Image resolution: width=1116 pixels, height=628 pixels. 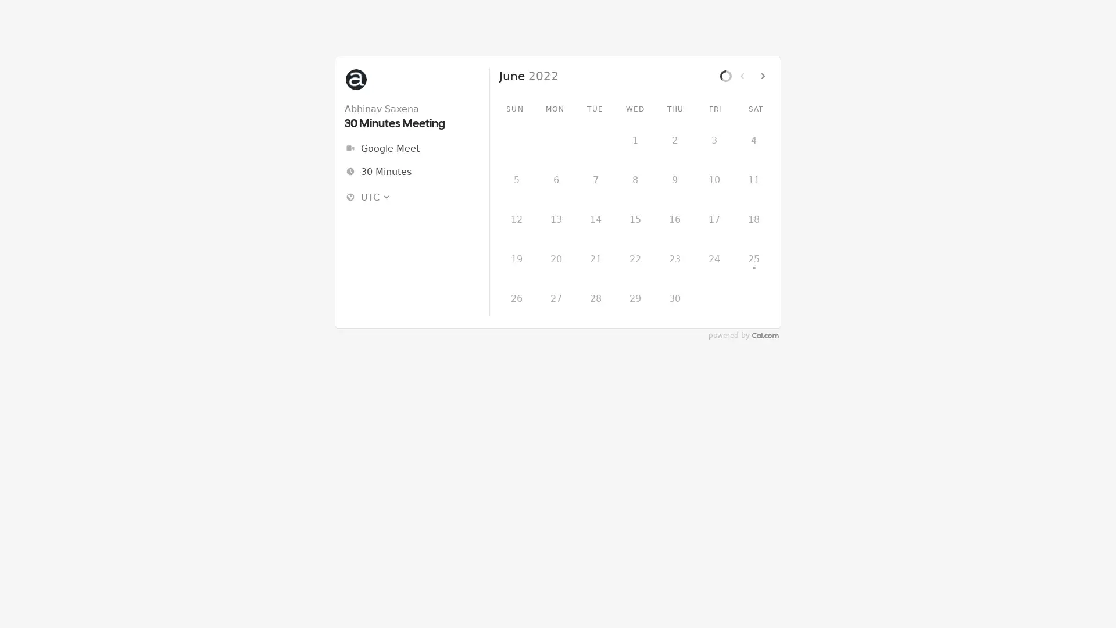 I want to click on 3, so click(x=713, y=140).